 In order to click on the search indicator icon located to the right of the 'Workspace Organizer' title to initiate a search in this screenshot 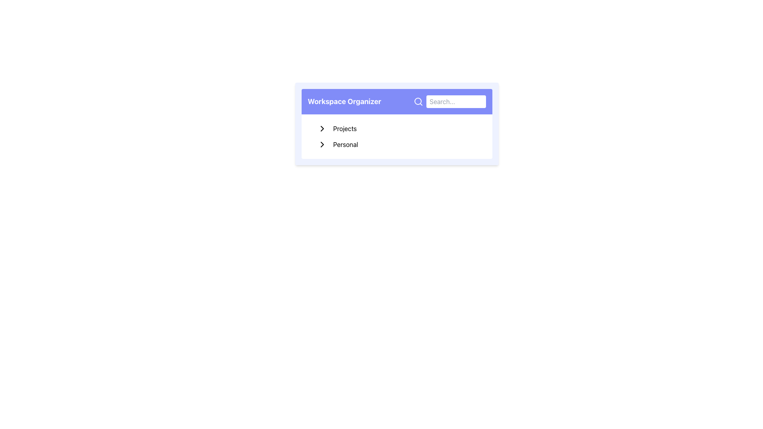, I will do `click(418, 101)`.